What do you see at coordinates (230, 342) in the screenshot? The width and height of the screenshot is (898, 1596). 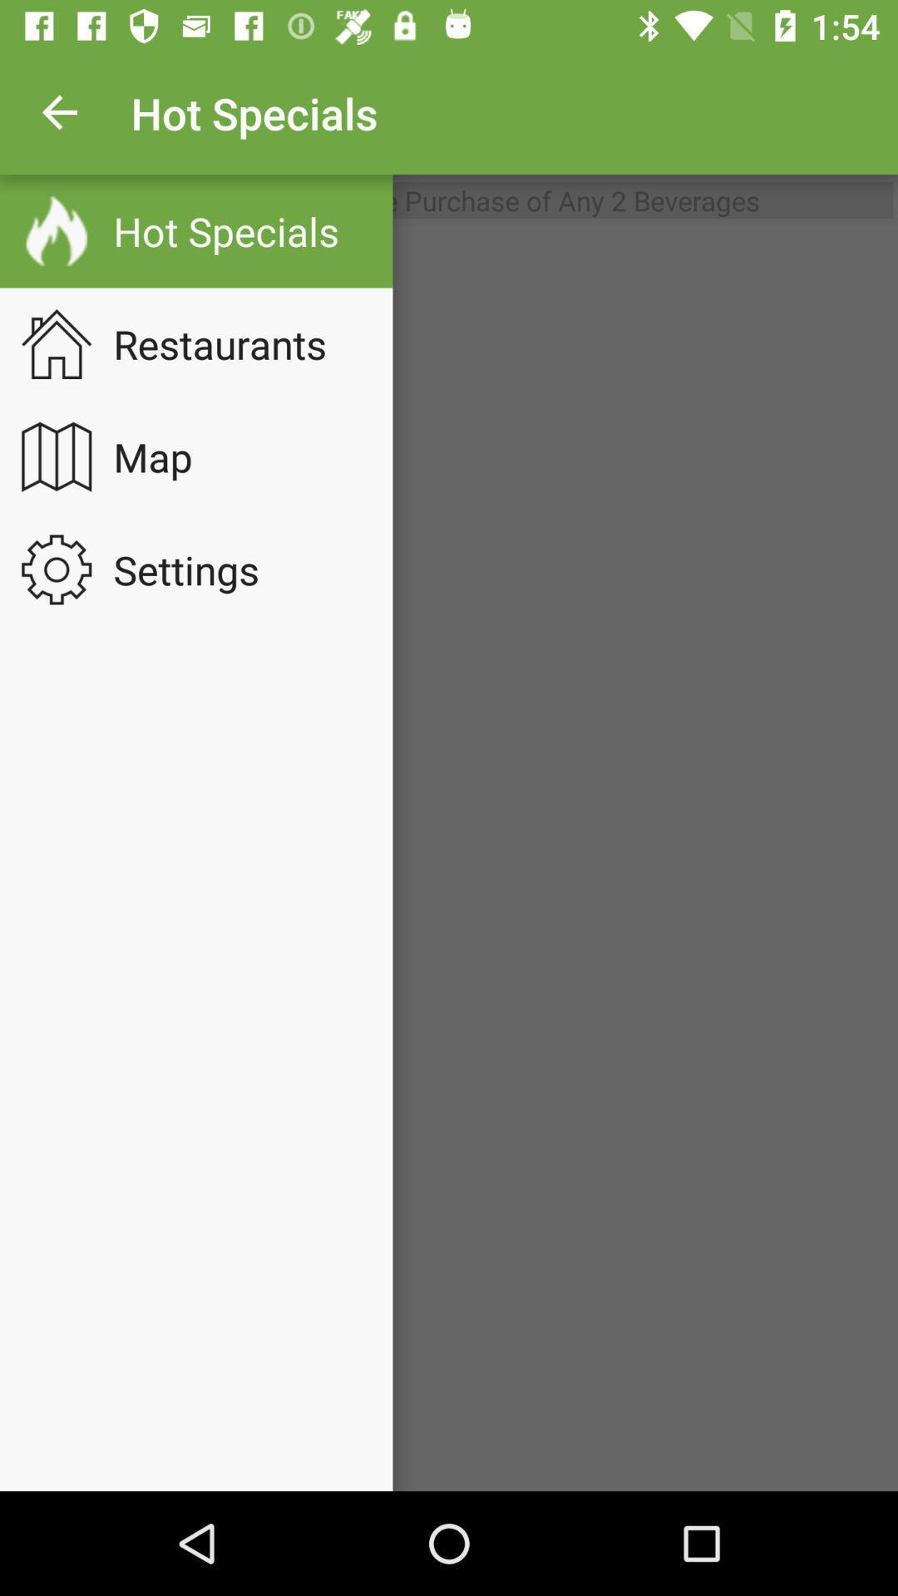 I see `the restaurants item` at bounding box center [230, 342].